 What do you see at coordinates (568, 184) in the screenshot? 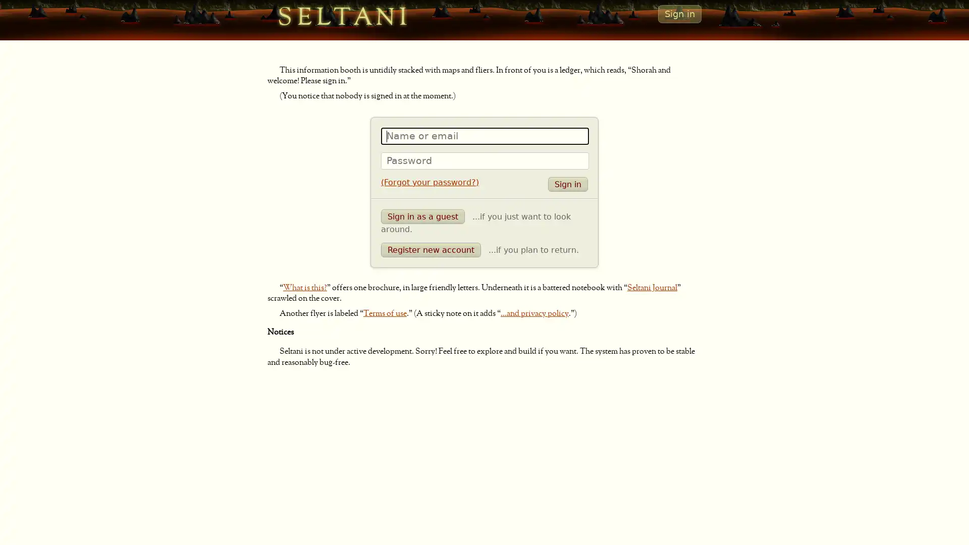
I see `Sign in` at bounding box center [568, 184].